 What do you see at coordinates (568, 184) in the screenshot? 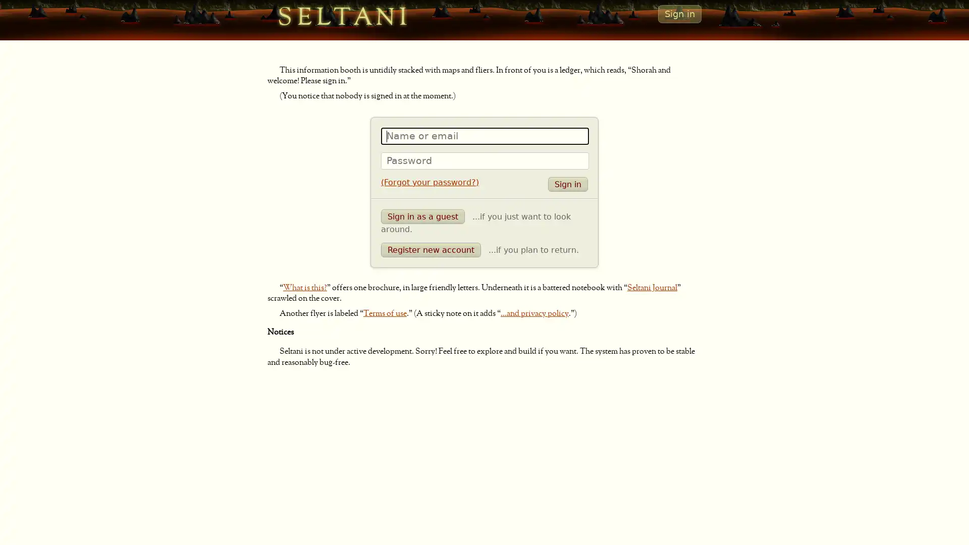
I see `Sign in` at bounding box center [568, 184].